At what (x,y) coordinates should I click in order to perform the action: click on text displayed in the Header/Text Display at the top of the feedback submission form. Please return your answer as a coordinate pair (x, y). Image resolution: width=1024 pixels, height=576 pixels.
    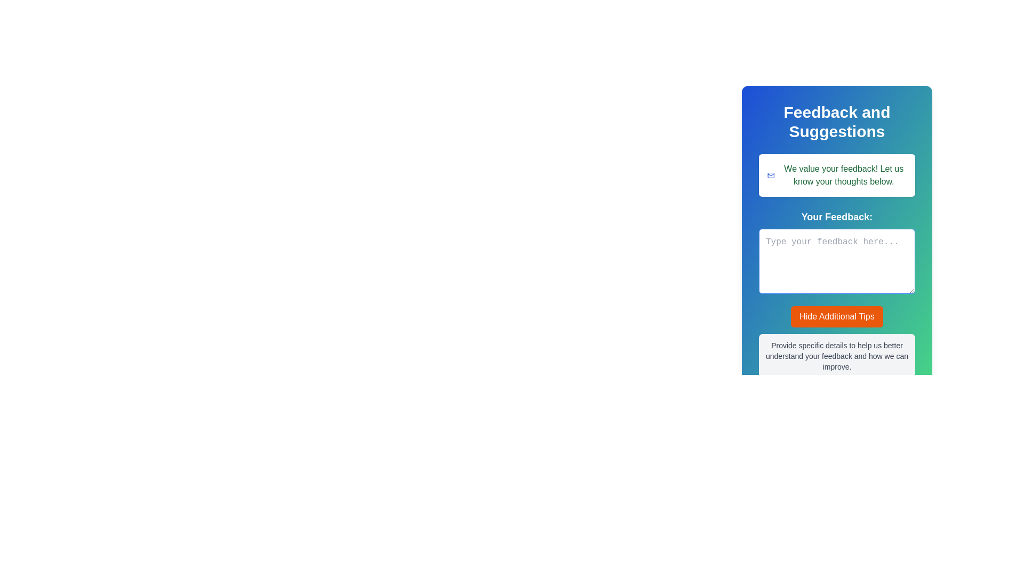
    Looking at the image, I should click on (836, 121).